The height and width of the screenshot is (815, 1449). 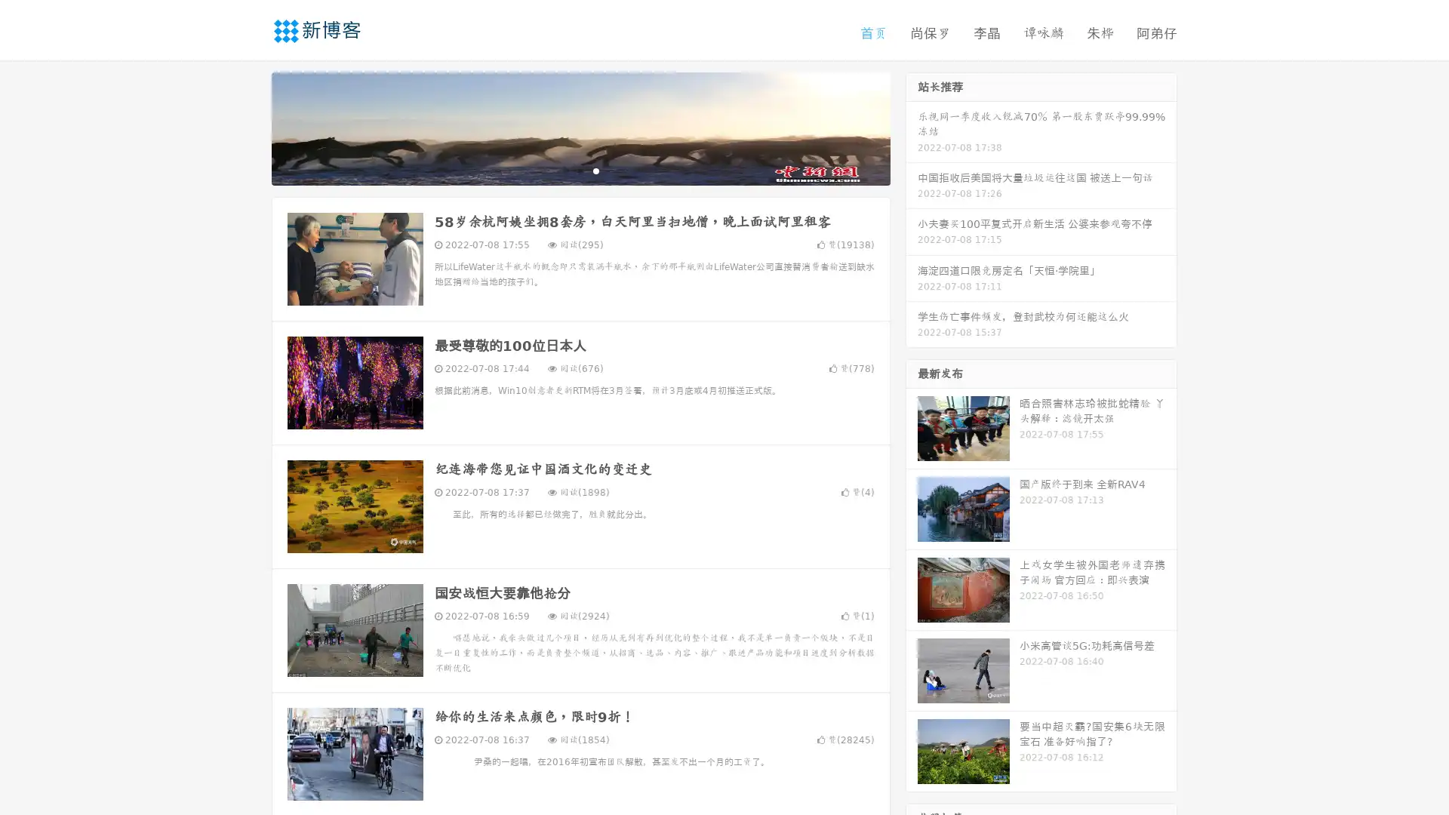 What do you see at coordinates (595, 170) in the screenshot?
I see `Go to slide 3` at bounding box center [595, 170].